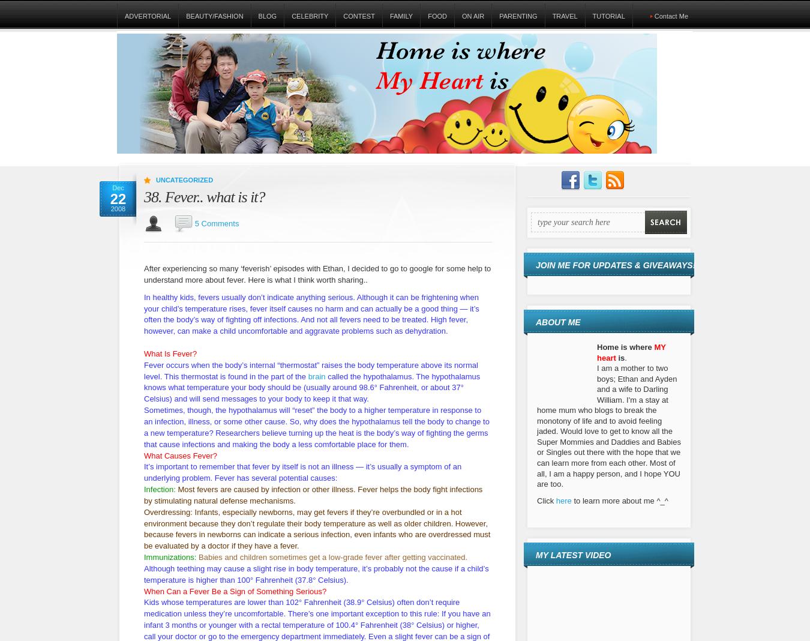 The height and width of the screenshot is (641, 810). I want to click on 'called the hypothalamus. The hypothalamus knows what temperature your body should be (usually around 98.6° Fahrenheit, or about 37° Celsius) and will send messages to your body to keep it that way.', so click(311, 387).